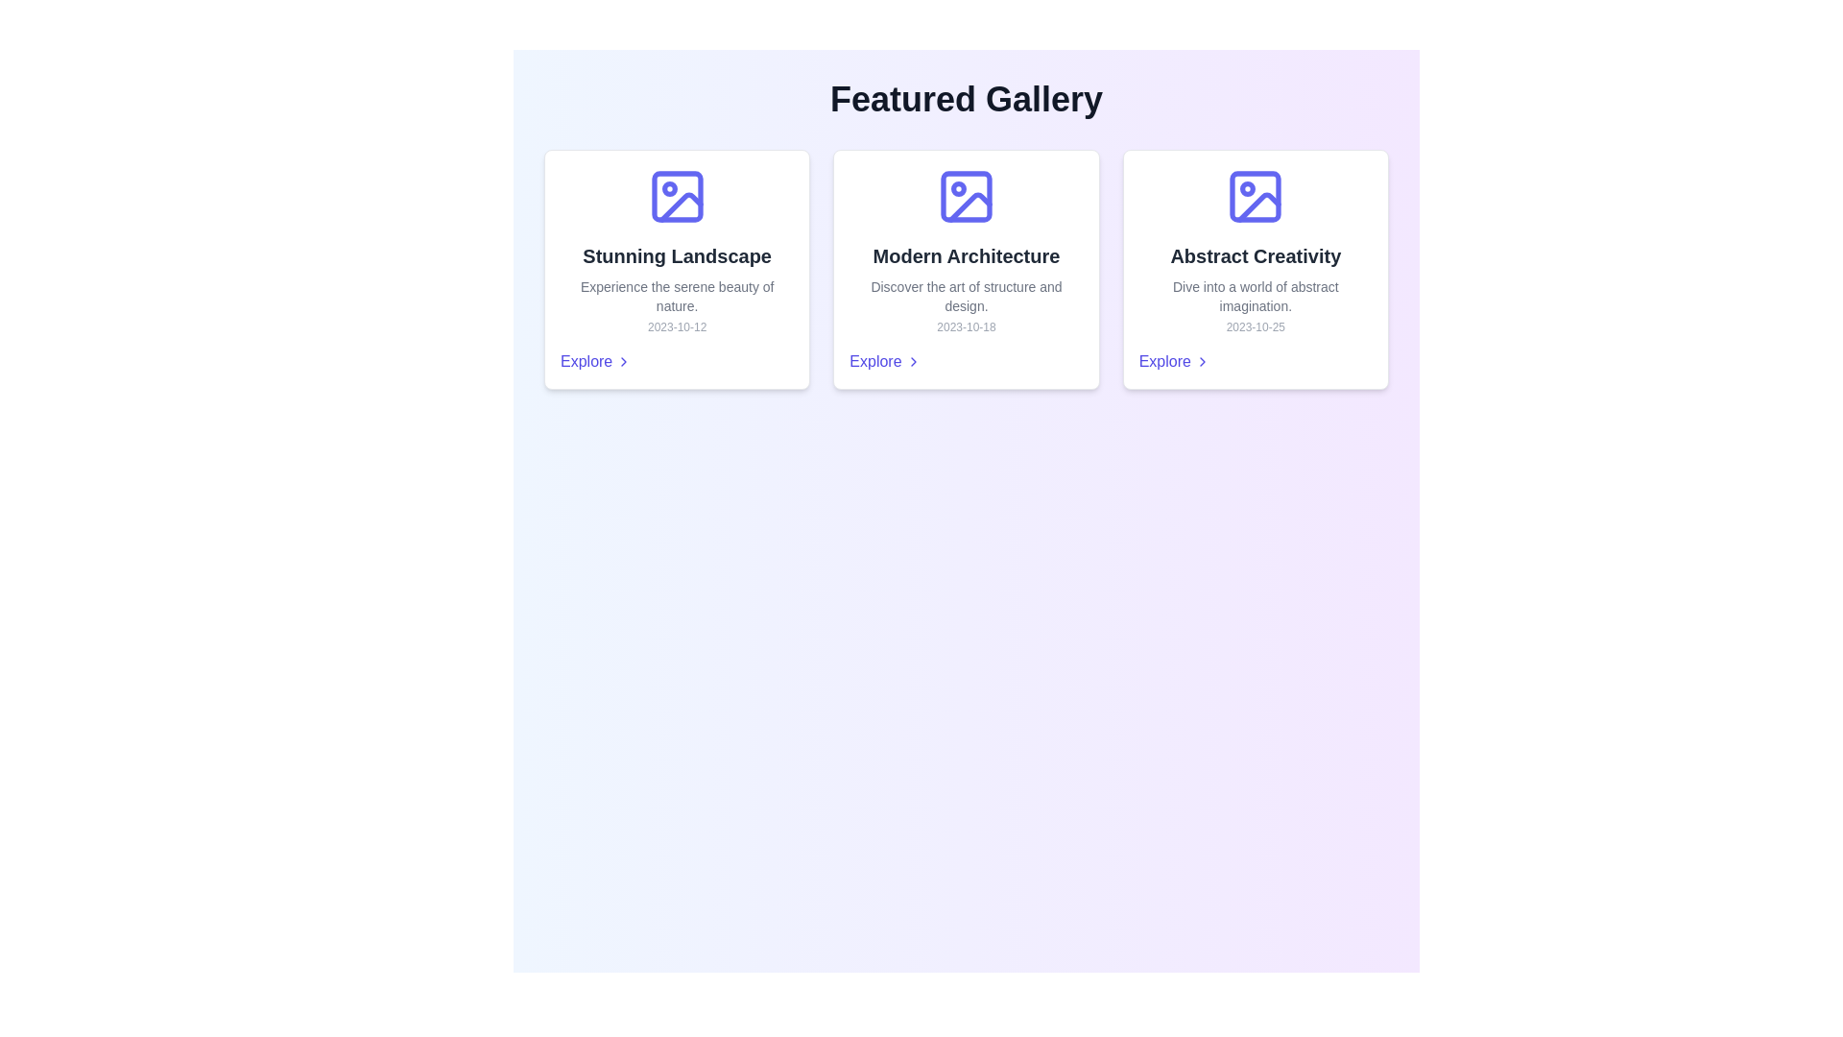  What do you see at coordinates (1256, 196) in the screenshot?
I see `the Decorative SVG graphical element, which is a rectangle within the image icon on the third card titled 'Abstract Creativity'` at bounding box center [1256, 196].